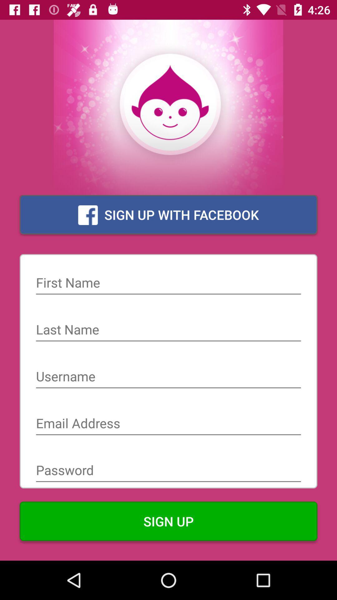 Image resolution: width=337 pixels, height=600 pixels. I want to click on email address, so click(168, 424).